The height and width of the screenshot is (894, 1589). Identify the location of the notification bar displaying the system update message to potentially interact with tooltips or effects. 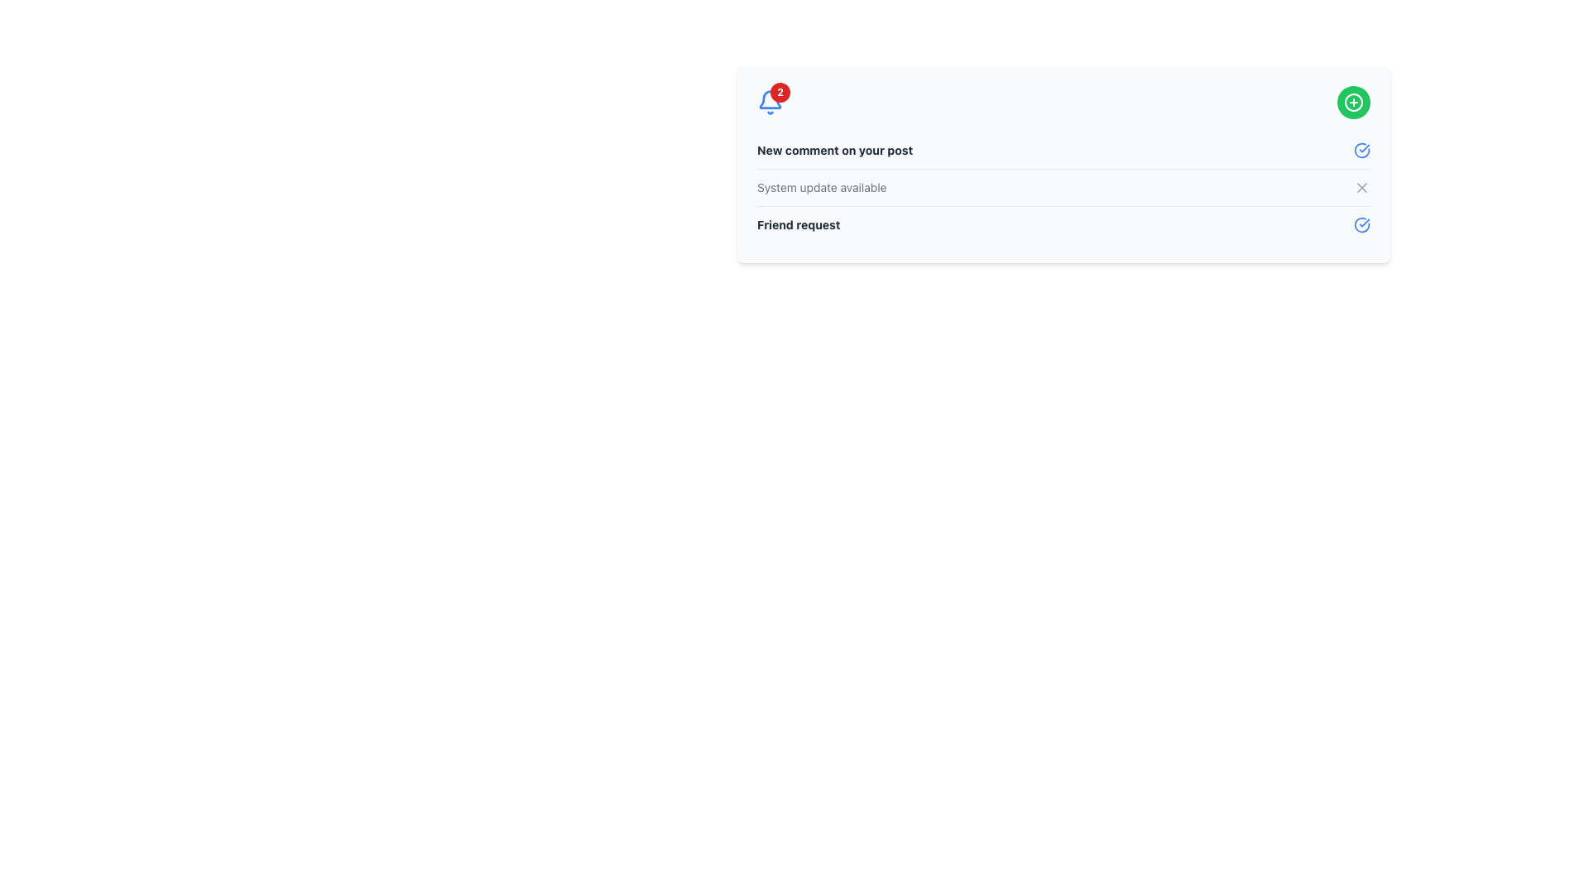
(1063, 186).